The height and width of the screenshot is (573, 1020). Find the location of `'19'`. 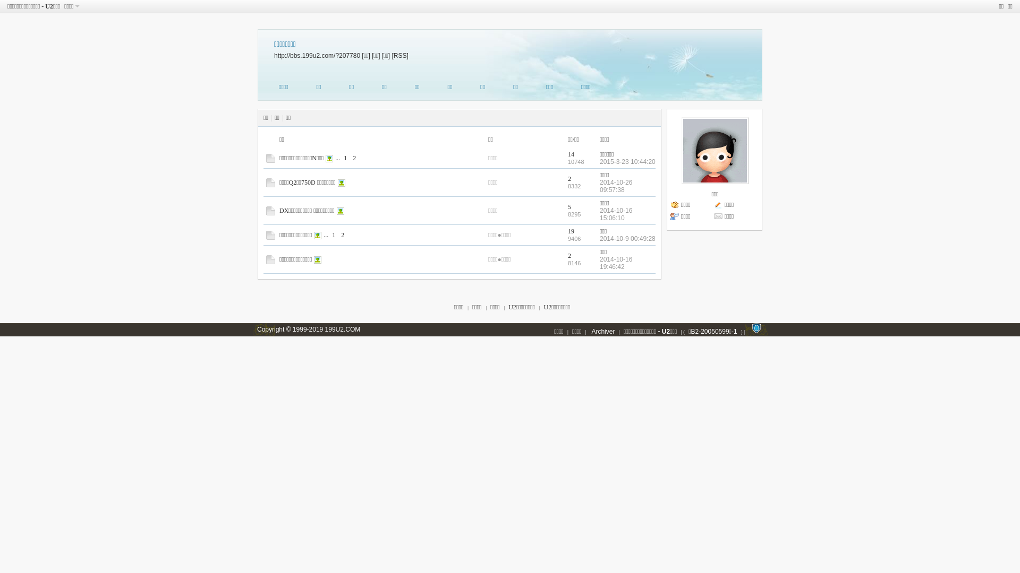

'19' is located at coordinates (571, 230).